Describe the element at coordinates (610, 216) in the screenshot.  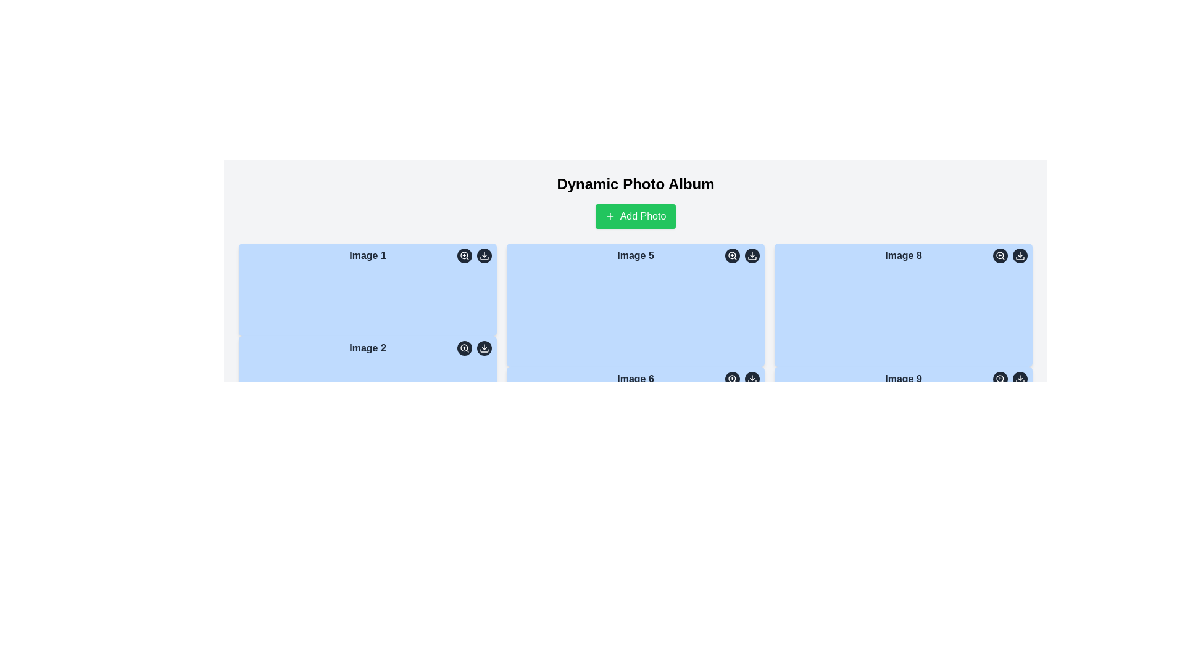
I see `the 'Add Photo' button icon that visually indicates an 'add' or 'create' action` at that location.